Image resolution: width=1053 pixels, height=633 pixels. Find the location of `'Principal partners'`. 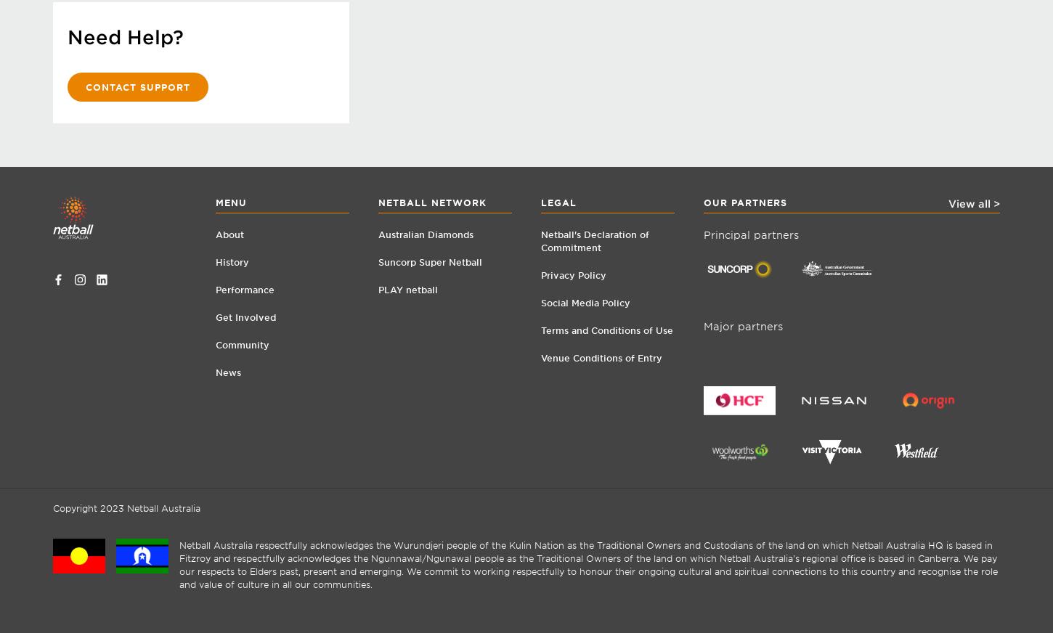

'Principal partners' is located at coordinates (704, 233).